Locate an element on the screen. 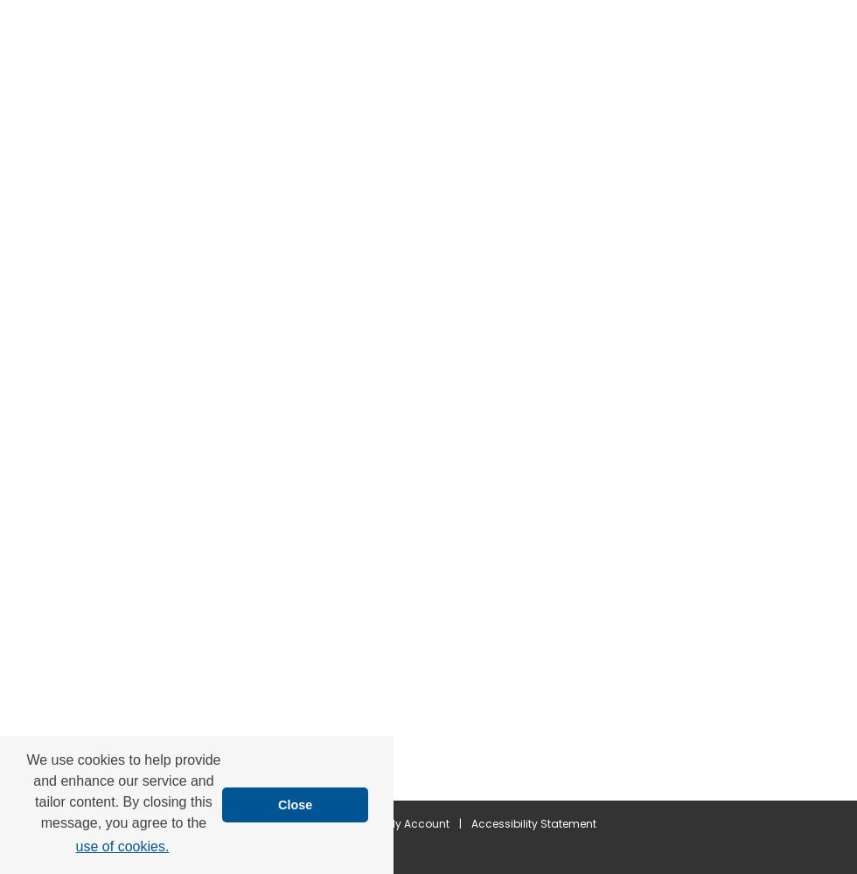  'Close' is located at coordinates (295, 804).